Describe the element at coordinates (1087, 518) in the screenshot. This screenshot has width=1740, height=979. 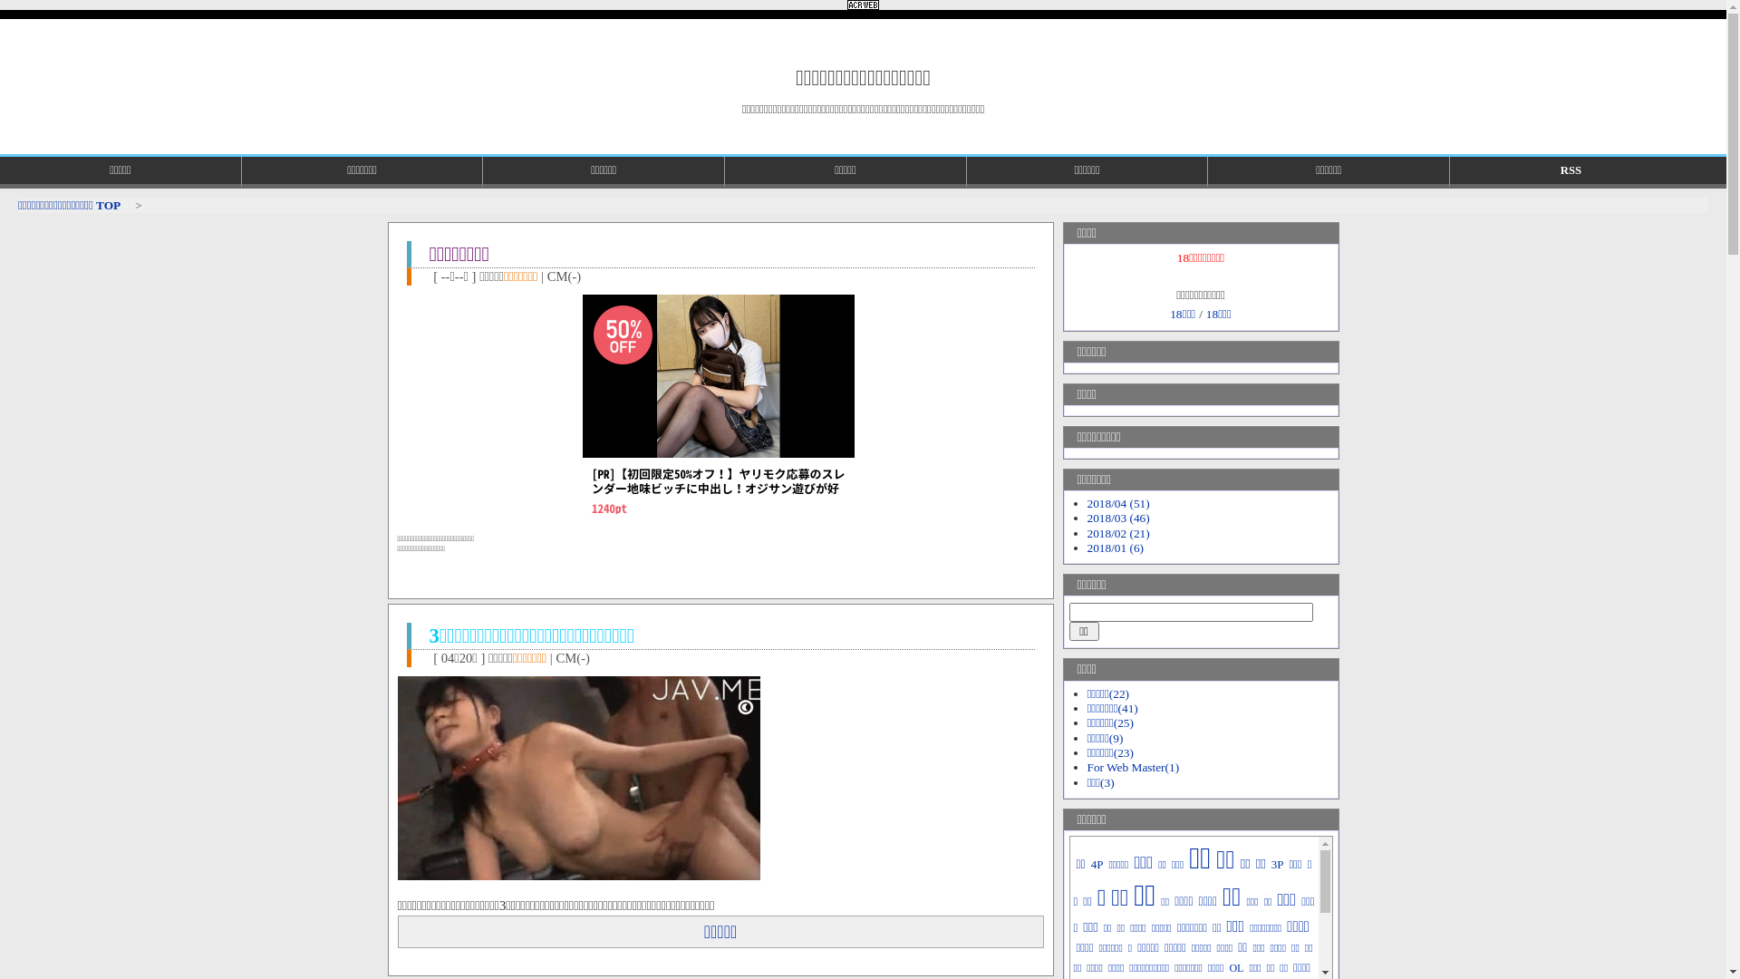
I see `'2018/03 (46)'` at that location.